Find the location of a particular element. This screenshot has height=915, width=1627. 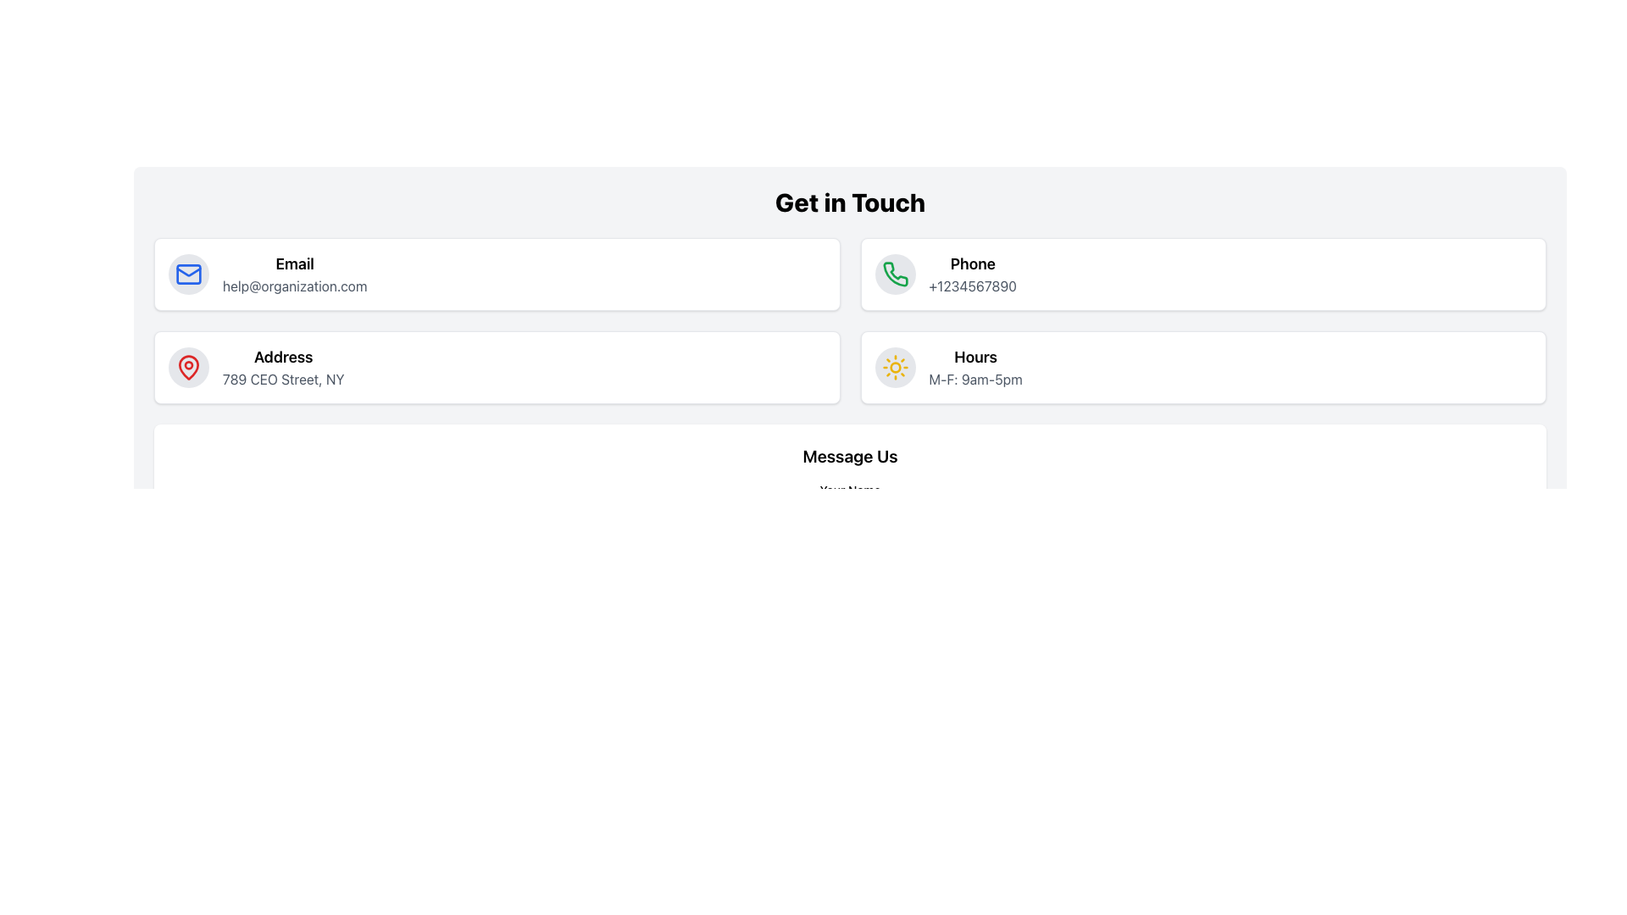

the text label displaying 'M-F: 9am-5pm', which is located under the 'Hours' heading in the 'Get in Touch' section is located at coordinates (975, 378).